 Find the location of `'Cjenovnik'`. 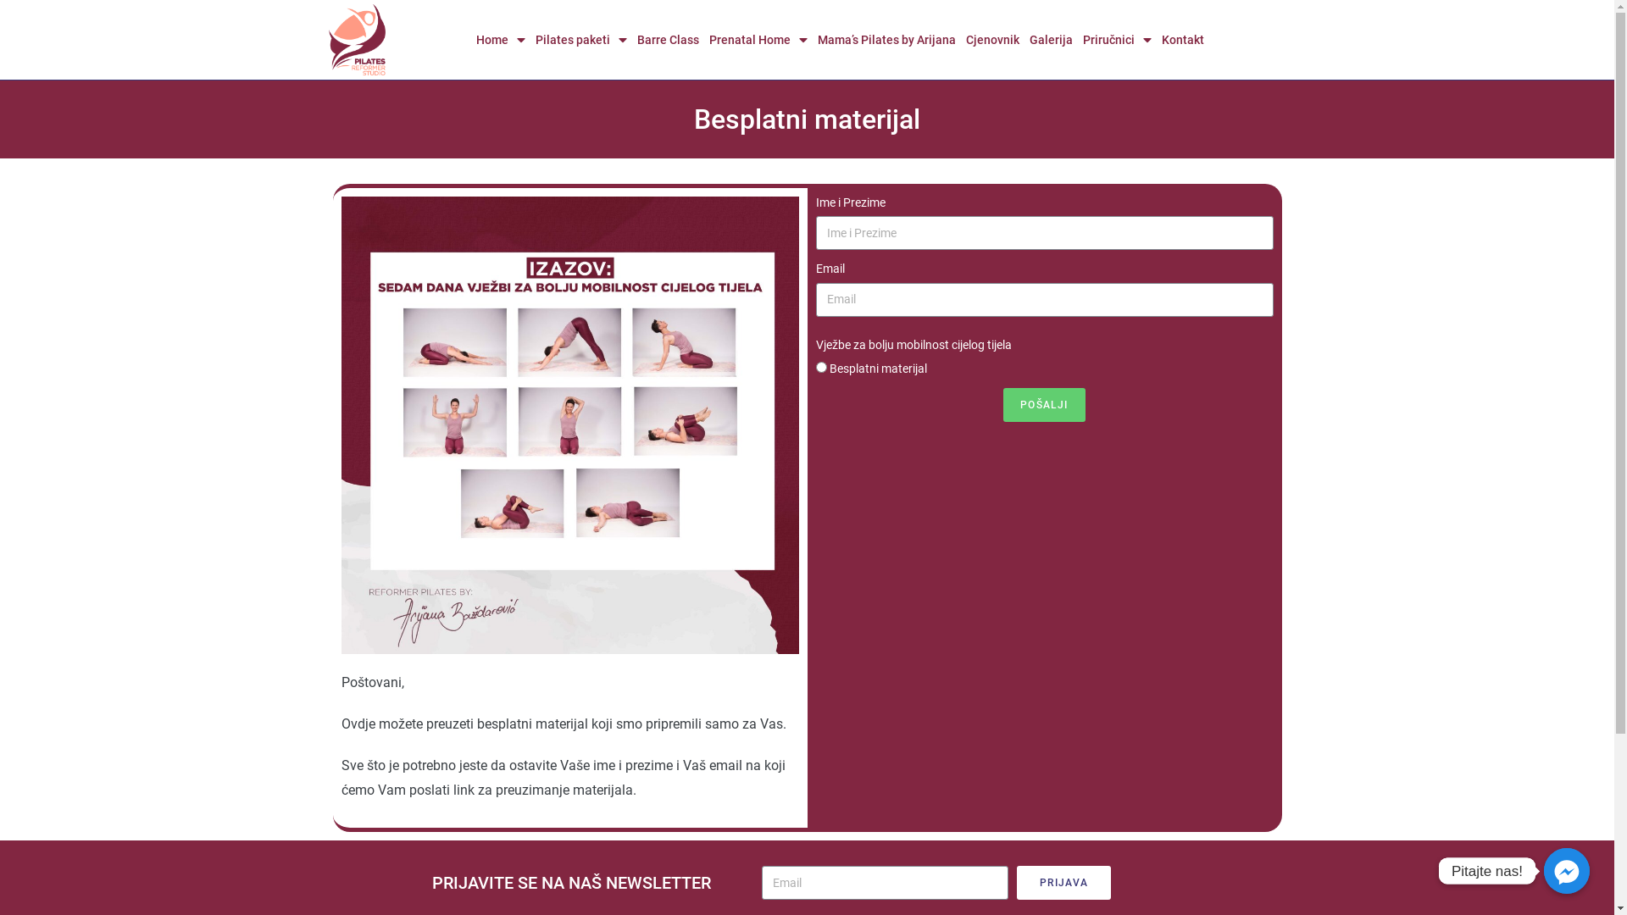

'Cjenovnik' is located at coordinates (992, 38).